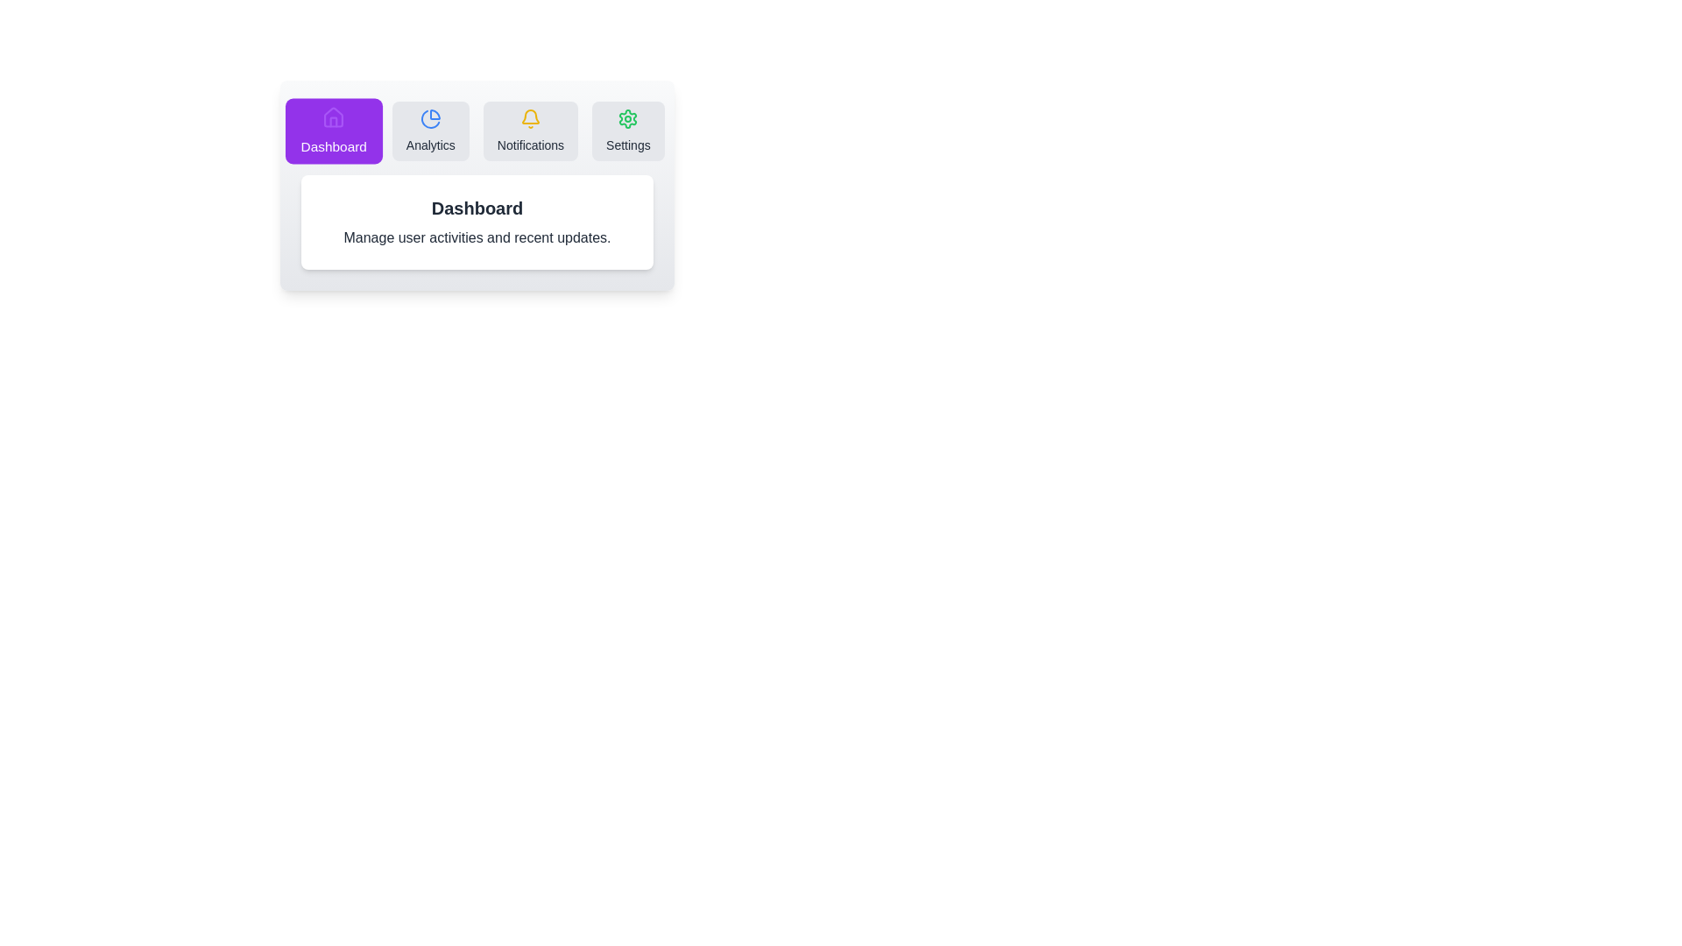 Image resolution: width=1682 pixels, height=946 pixels. Describe the element at coordinates (628, 131) in the screenshot. I see `the Settings tab` at that location.